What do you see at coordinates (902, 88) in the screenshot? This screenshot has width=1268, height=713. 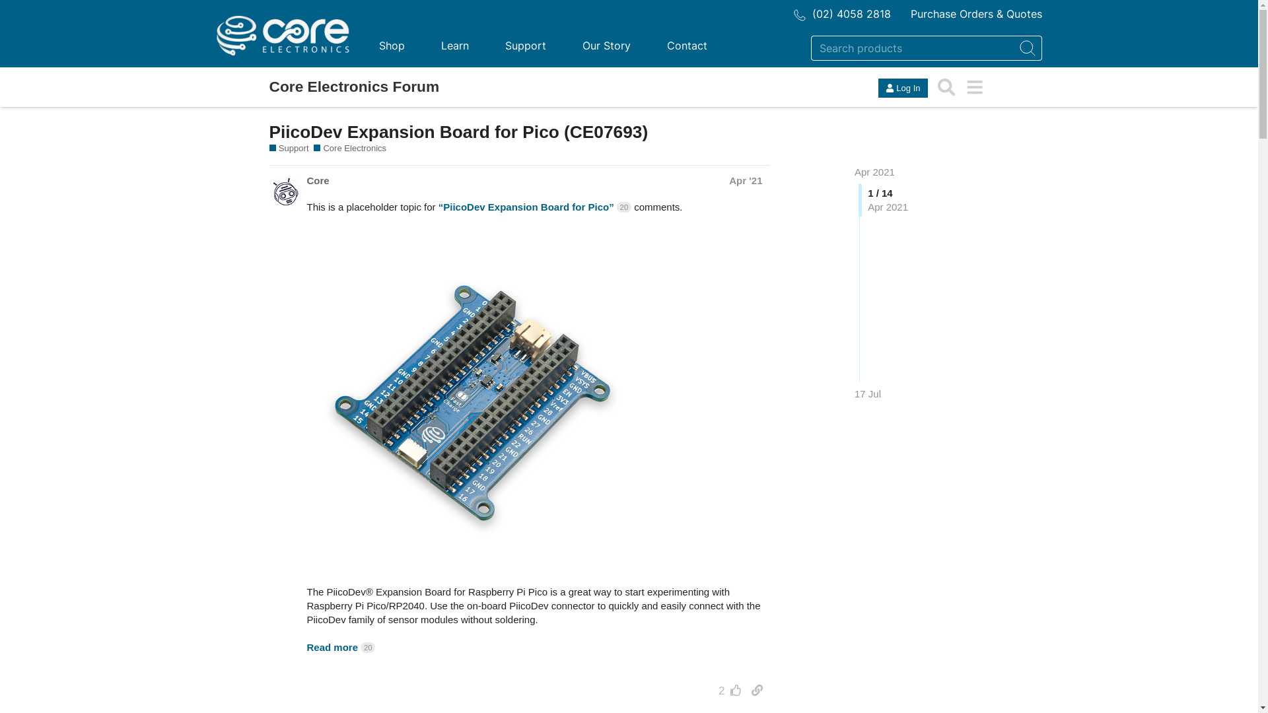 I see `'Log In'` at bounding box center [902, 88].